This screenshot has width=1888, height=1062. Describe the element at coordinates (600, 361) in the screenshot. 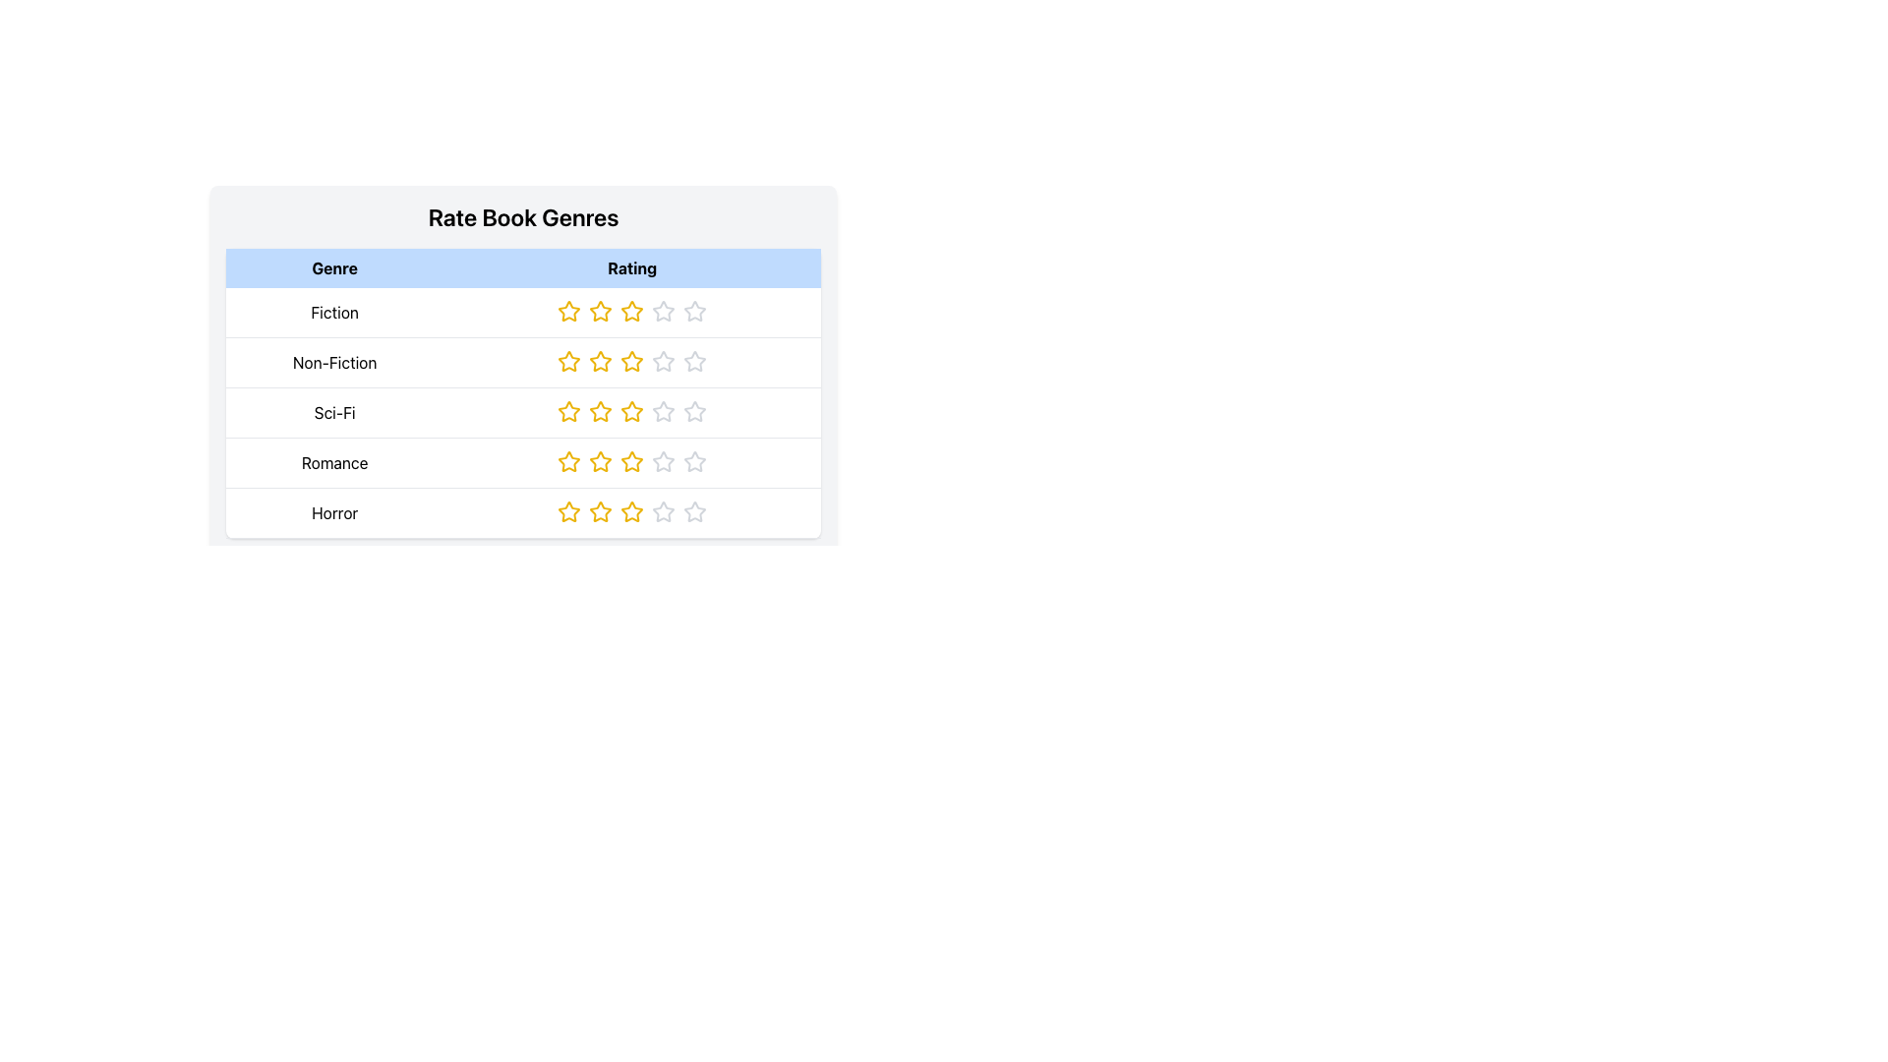

I see `the second golden star icon in the 'Rating' column for the 'Non-Fiction' row` at that location.